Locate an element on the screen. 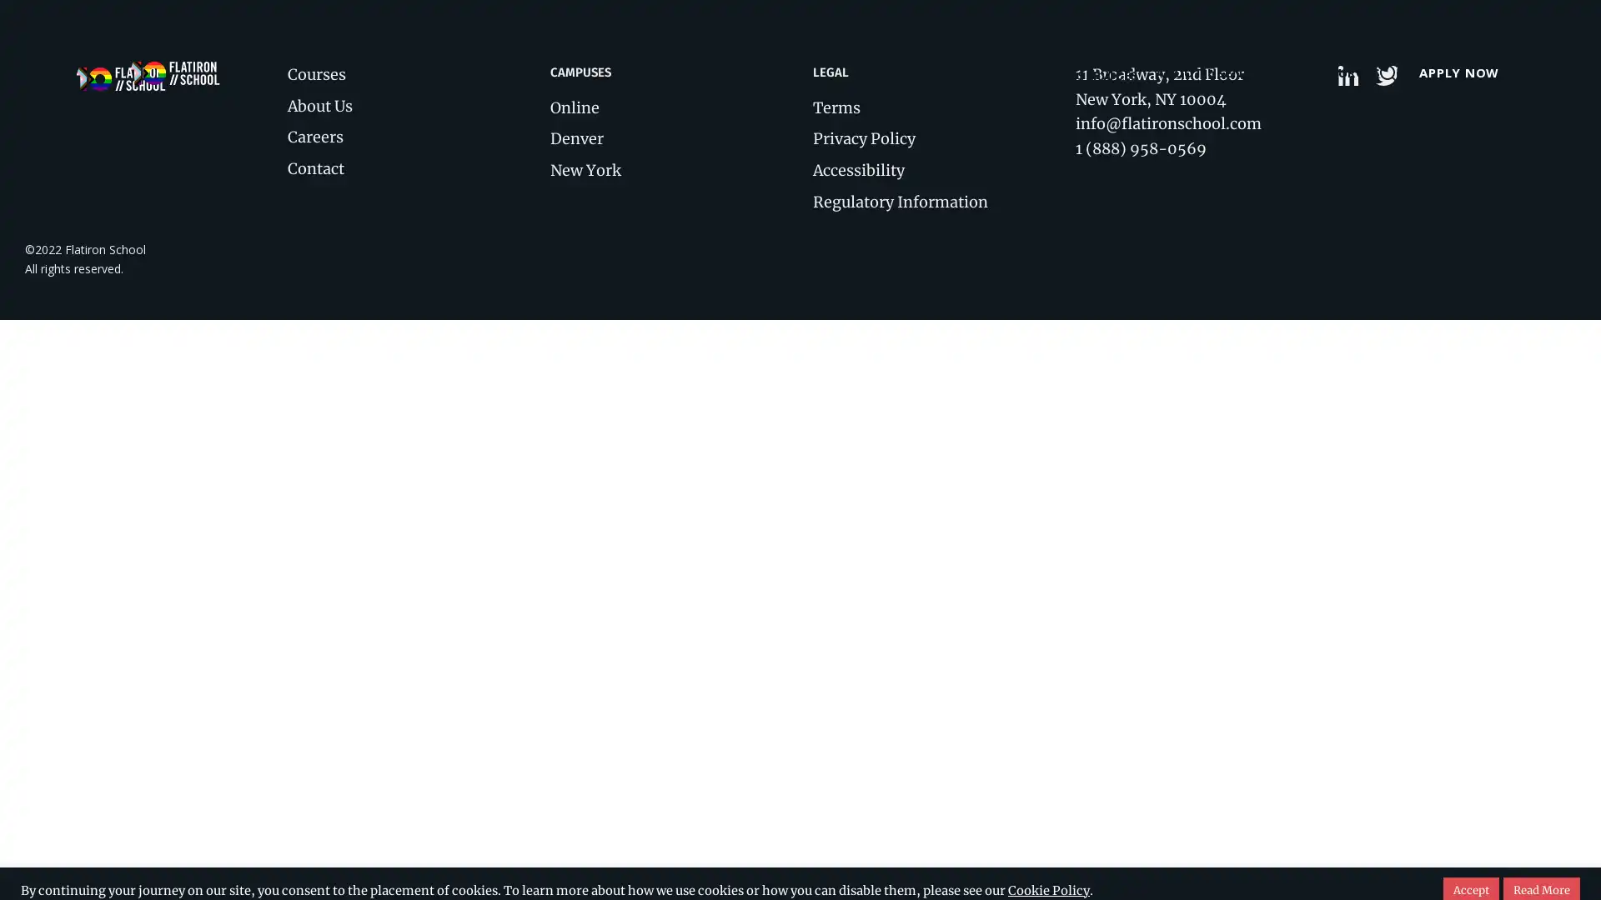  ABOUT US is located at coordinates (1073, 72).